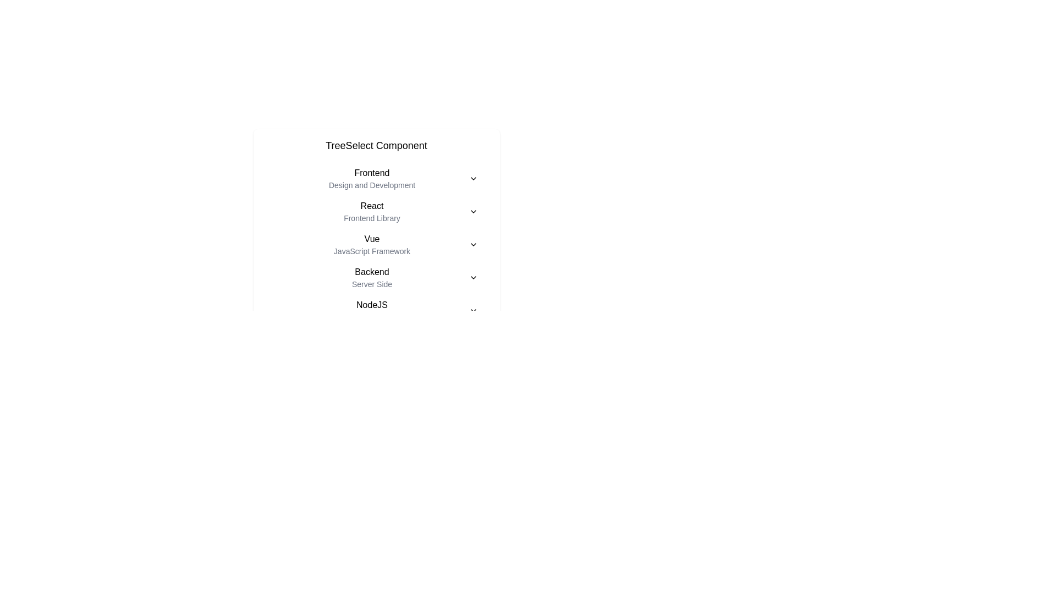 The image size is (1056, 594). What do you see at coordinates (376, 310) in the screenshot?
I see `the interactive list item located under the 'Backend' section heading` at bounding box center [376, 310].